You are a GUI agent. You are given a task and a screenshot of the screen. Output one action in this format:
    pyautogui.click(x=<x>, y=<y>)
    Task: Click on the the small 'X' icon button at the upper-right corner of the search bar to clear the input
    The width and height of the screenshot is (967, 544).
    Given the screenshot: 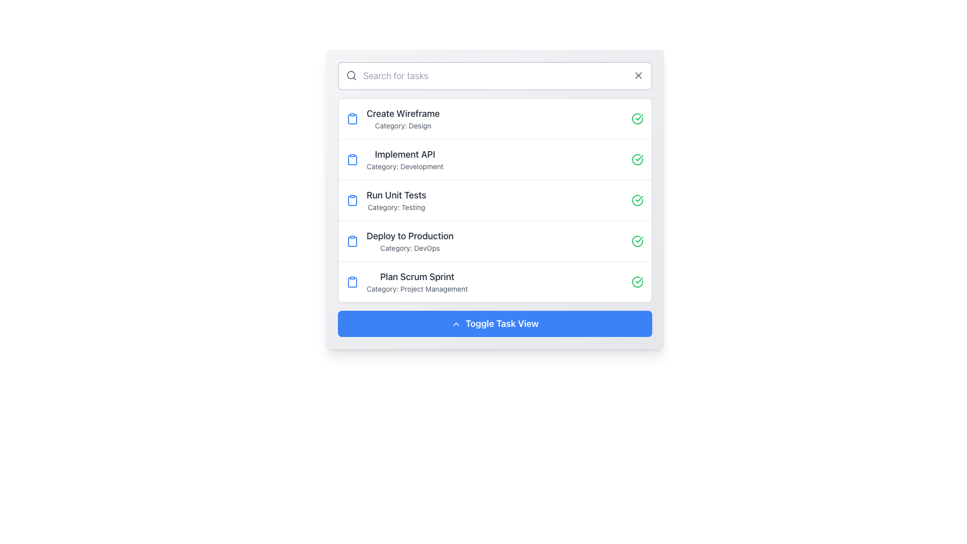 What is the action you would take?
    pyautogui.click(x=638, y=75)
    